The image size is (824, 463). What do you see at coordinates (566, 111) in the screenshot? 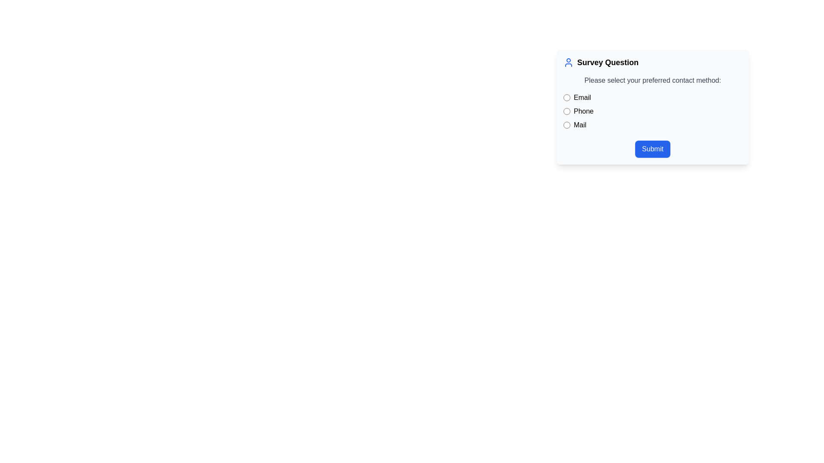
I see `the 'Phone' radio button` at bounding box center [566, 111].